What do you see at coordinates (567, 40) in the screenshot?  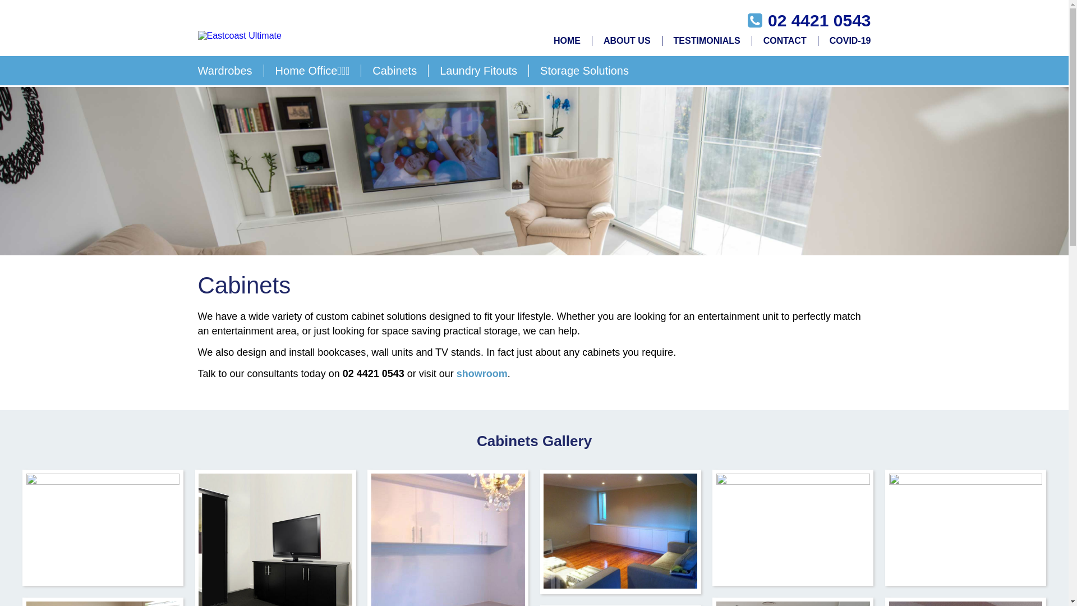 I see `'HOME'` at bounding box center [567, 40].